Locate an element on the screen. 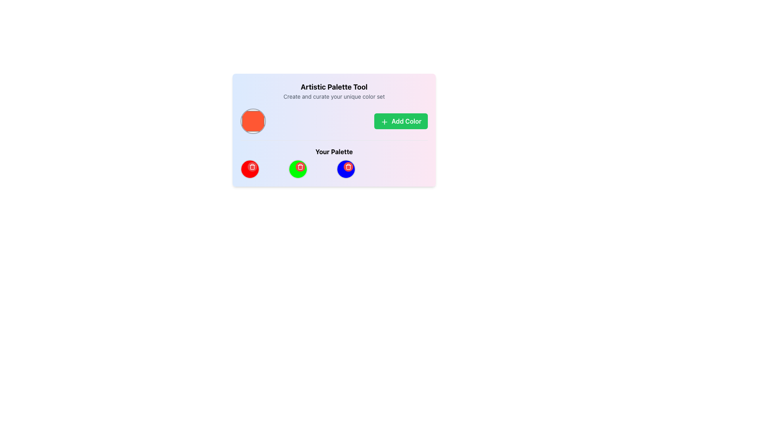 This screenshot has height=428, width=762. a color using the color picker located in the 'Add Color' section of the 'Artistic Palette Tool' interface, which is positioned to the left of the 'Add Color' button is located at coordinates (334, 121).